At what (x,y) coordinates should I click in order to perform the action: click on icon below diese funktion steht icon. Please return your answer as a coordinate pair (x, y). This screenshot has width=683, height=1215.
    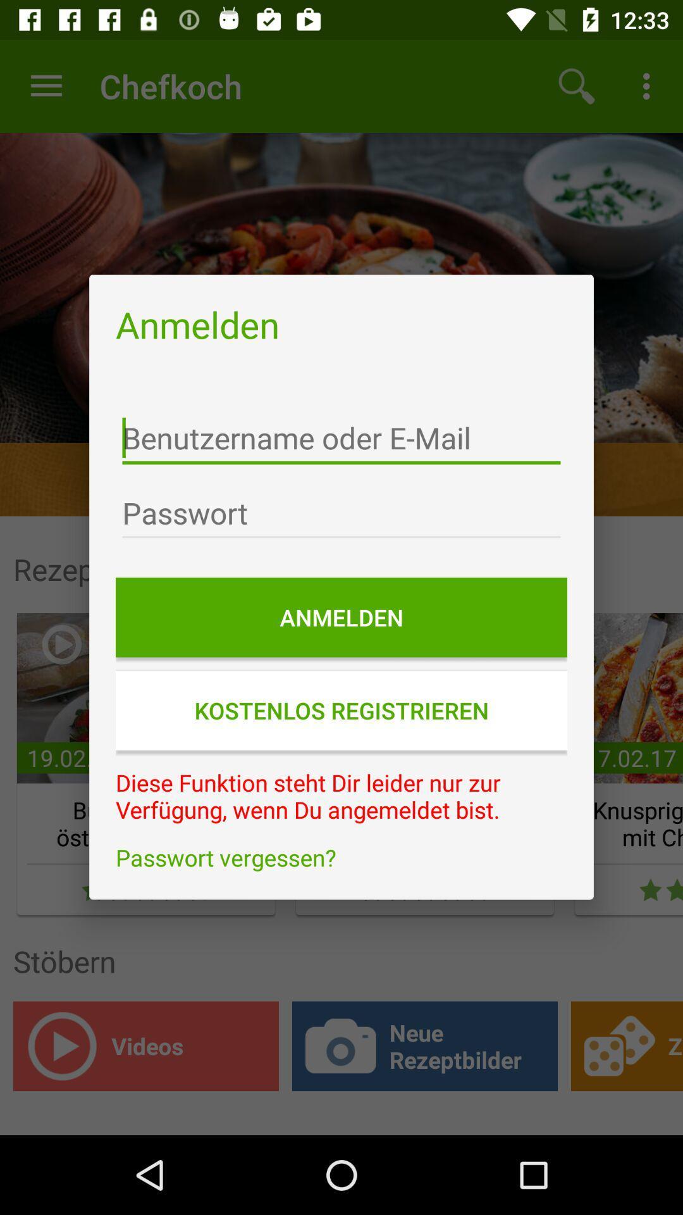
    Looking at the image, I should click on (341, 857).